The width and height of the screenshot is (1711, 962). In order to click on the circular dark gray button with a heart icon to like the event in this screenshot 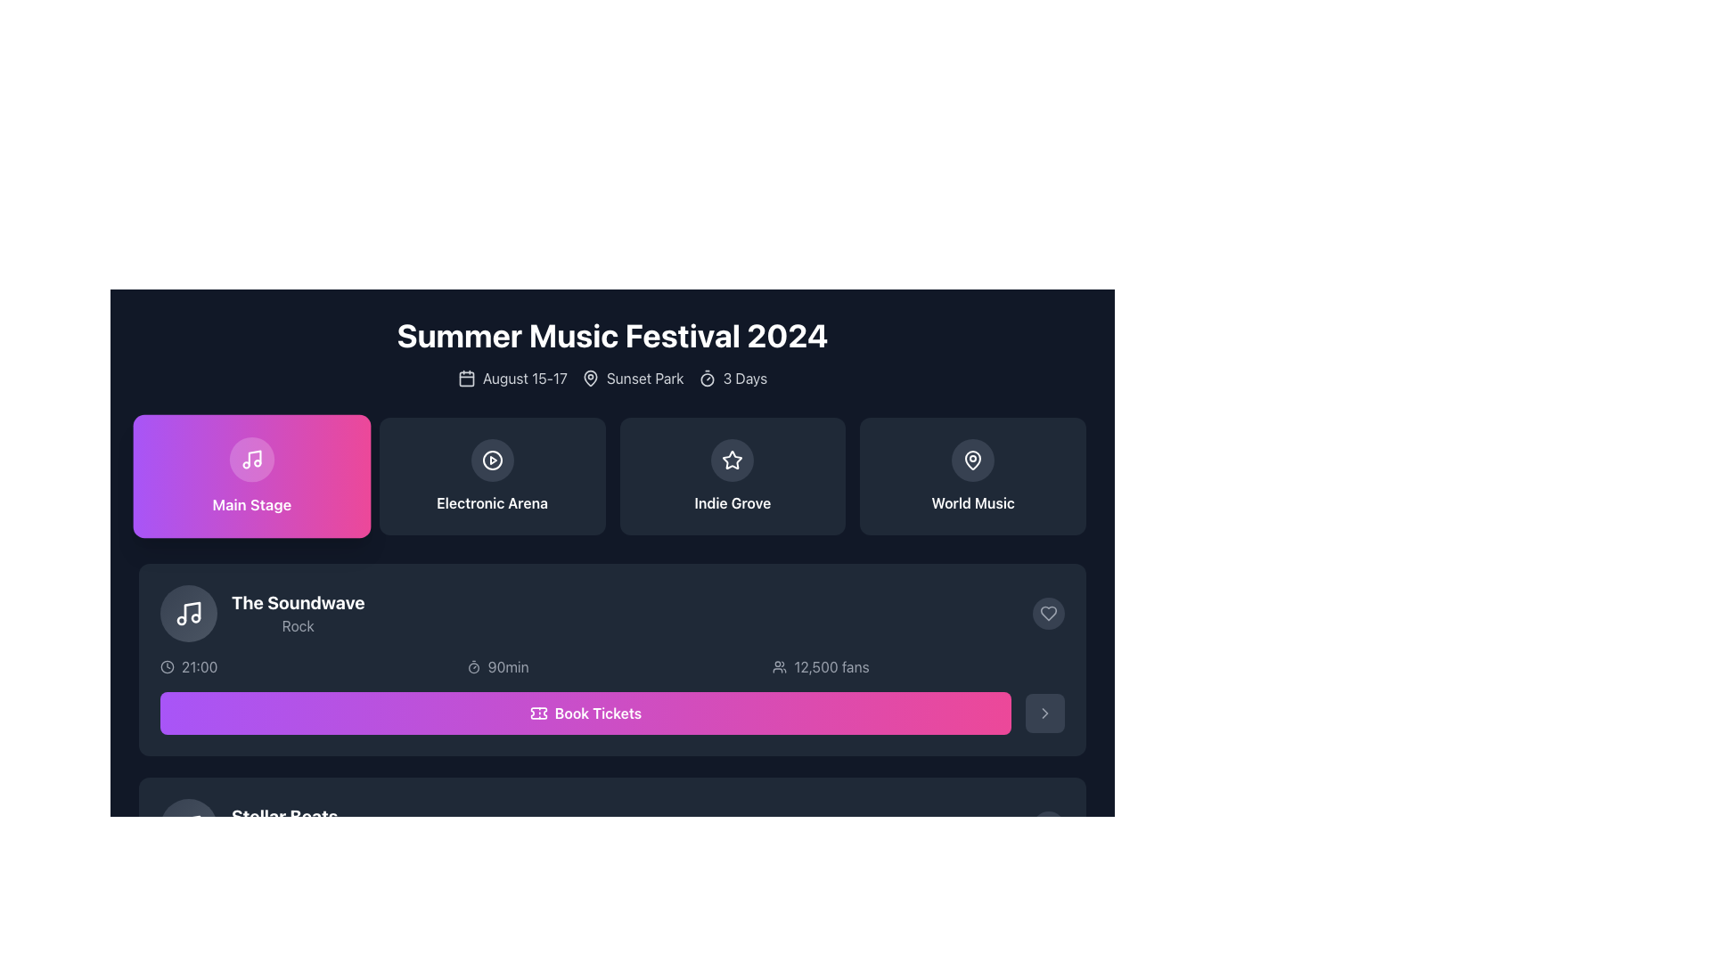, I will do `click(1048, 613)`.